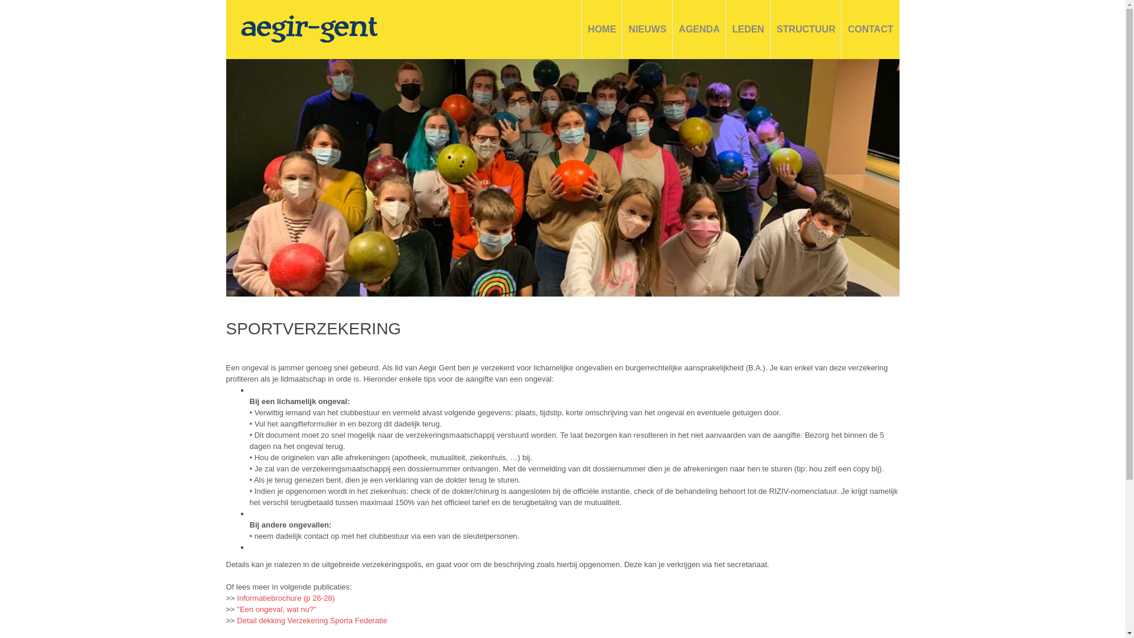 This screenshot has height=638, width=1134. Describe the element at coordinates (275, 609) in the screenshot. I see `'"Een ongeval, wat nu?"'` at that location.